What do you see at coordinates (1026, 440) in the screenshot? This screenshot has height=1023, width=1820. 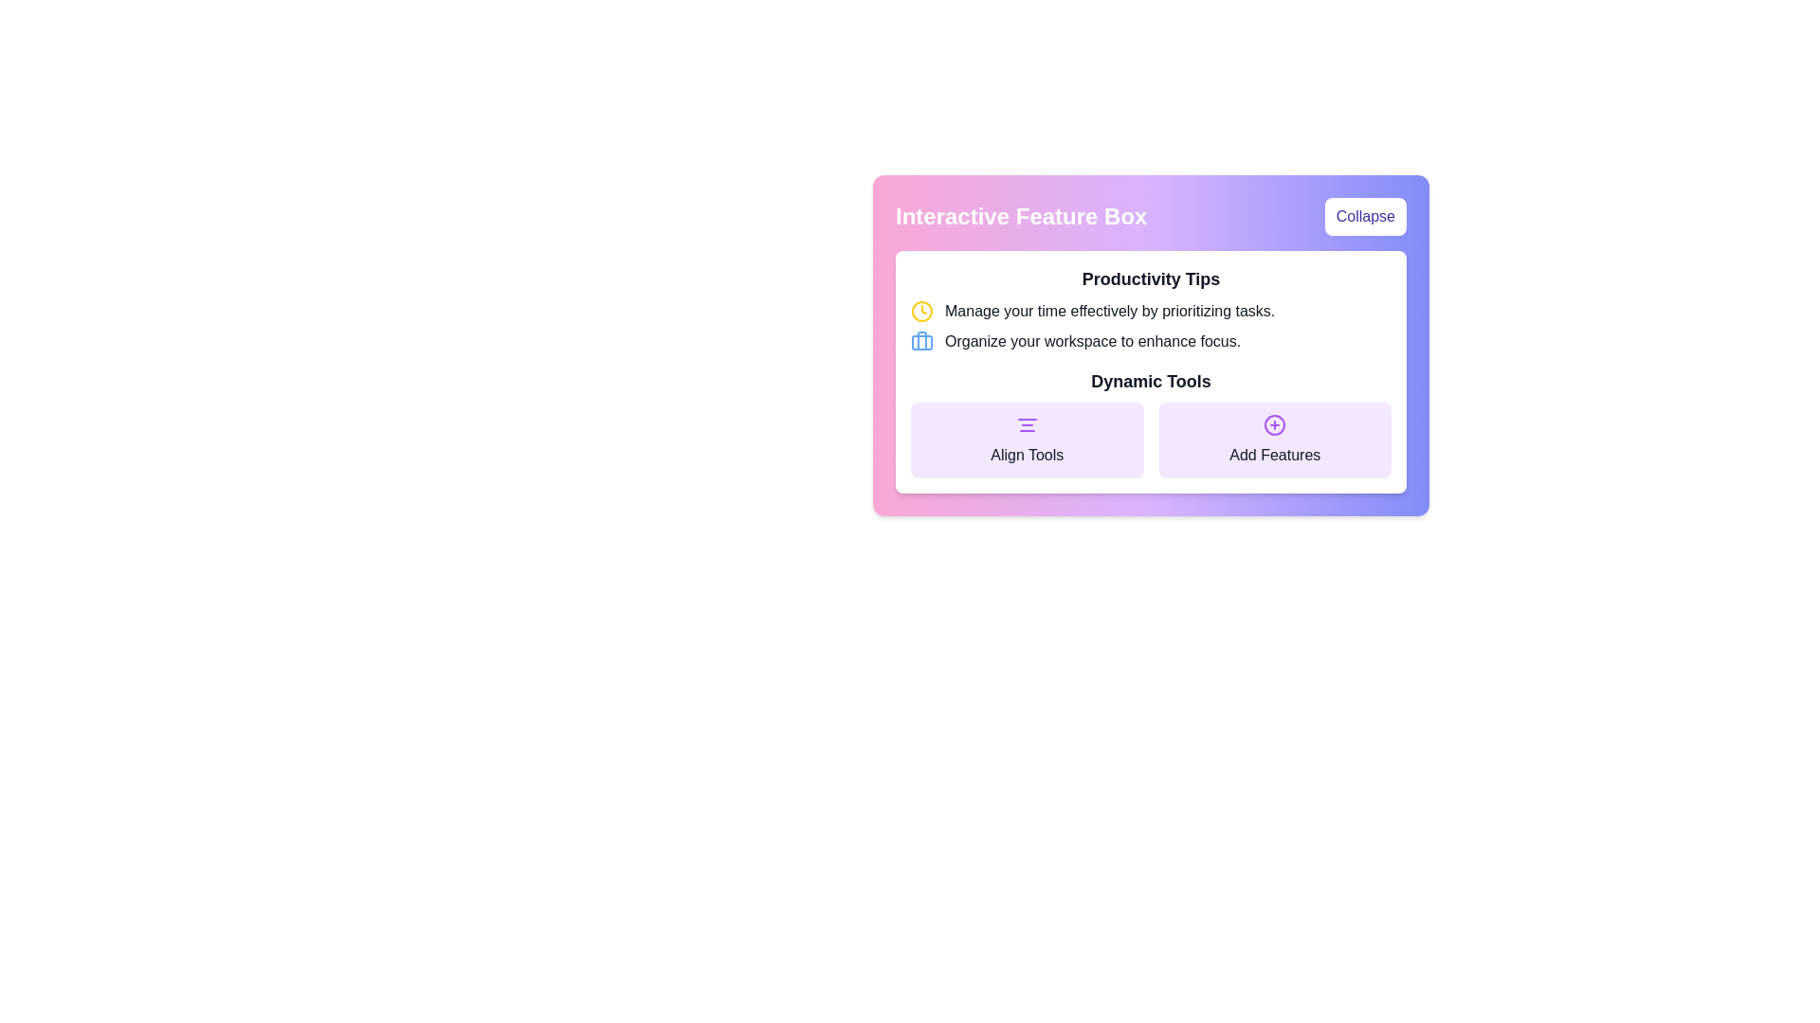 I see `the 'Align Tools' button, which is a rectangular button with a purple background and an icon of three horizontal lines` at bounding box center [1026, 440].